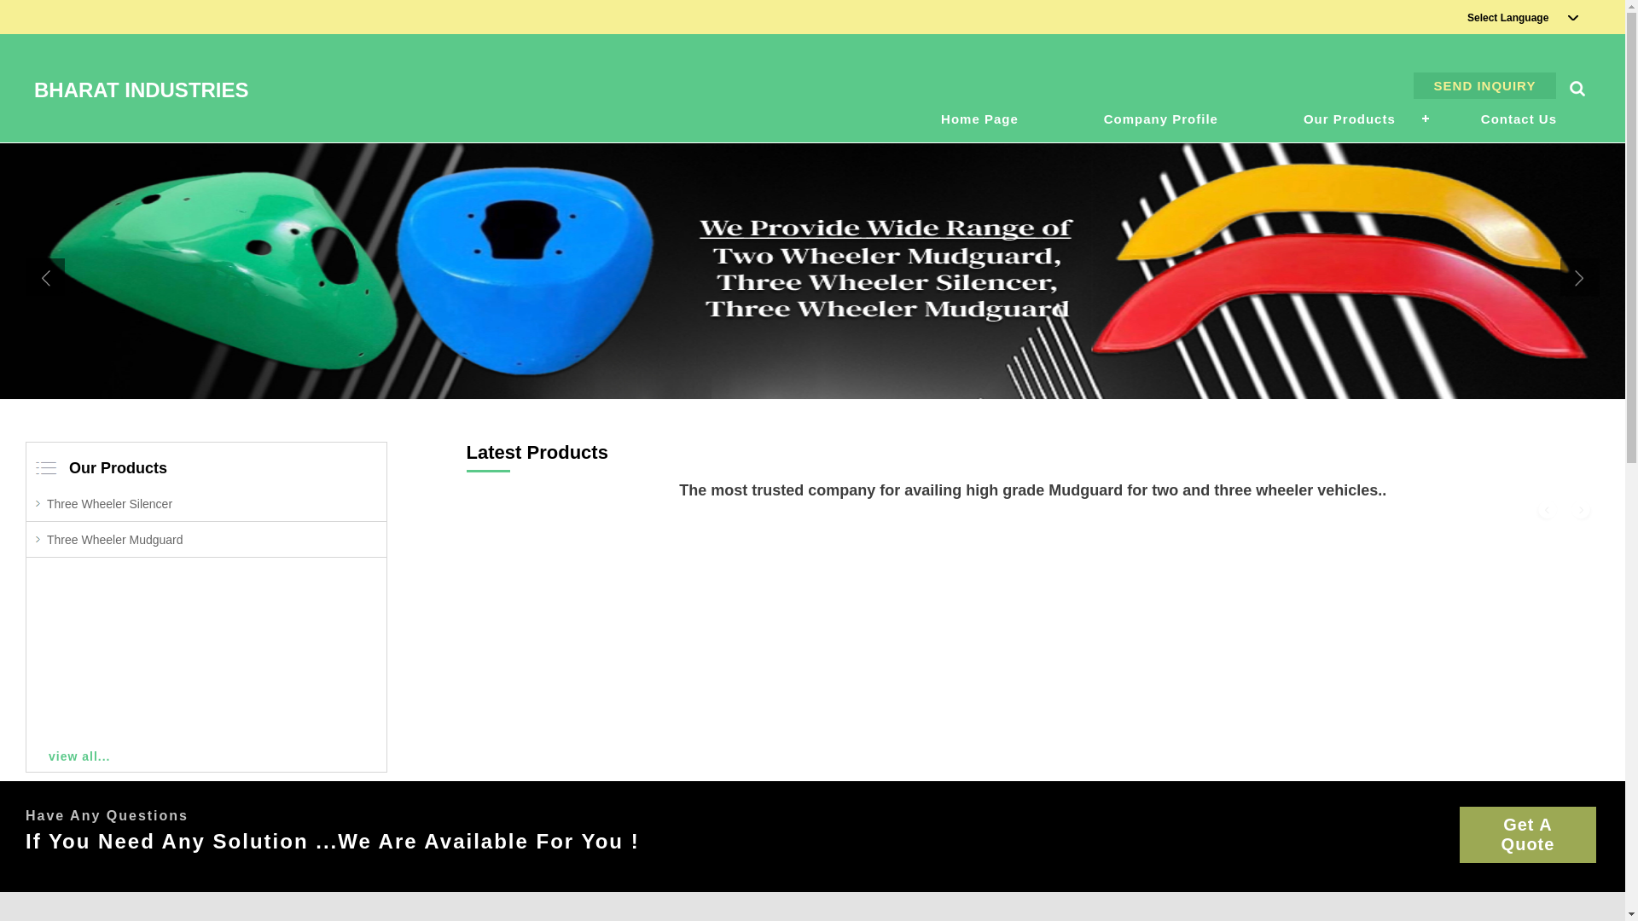  Describe the element at coordinates (1519, 118) in the screenshot. I see `'Contact Us'` at that location.